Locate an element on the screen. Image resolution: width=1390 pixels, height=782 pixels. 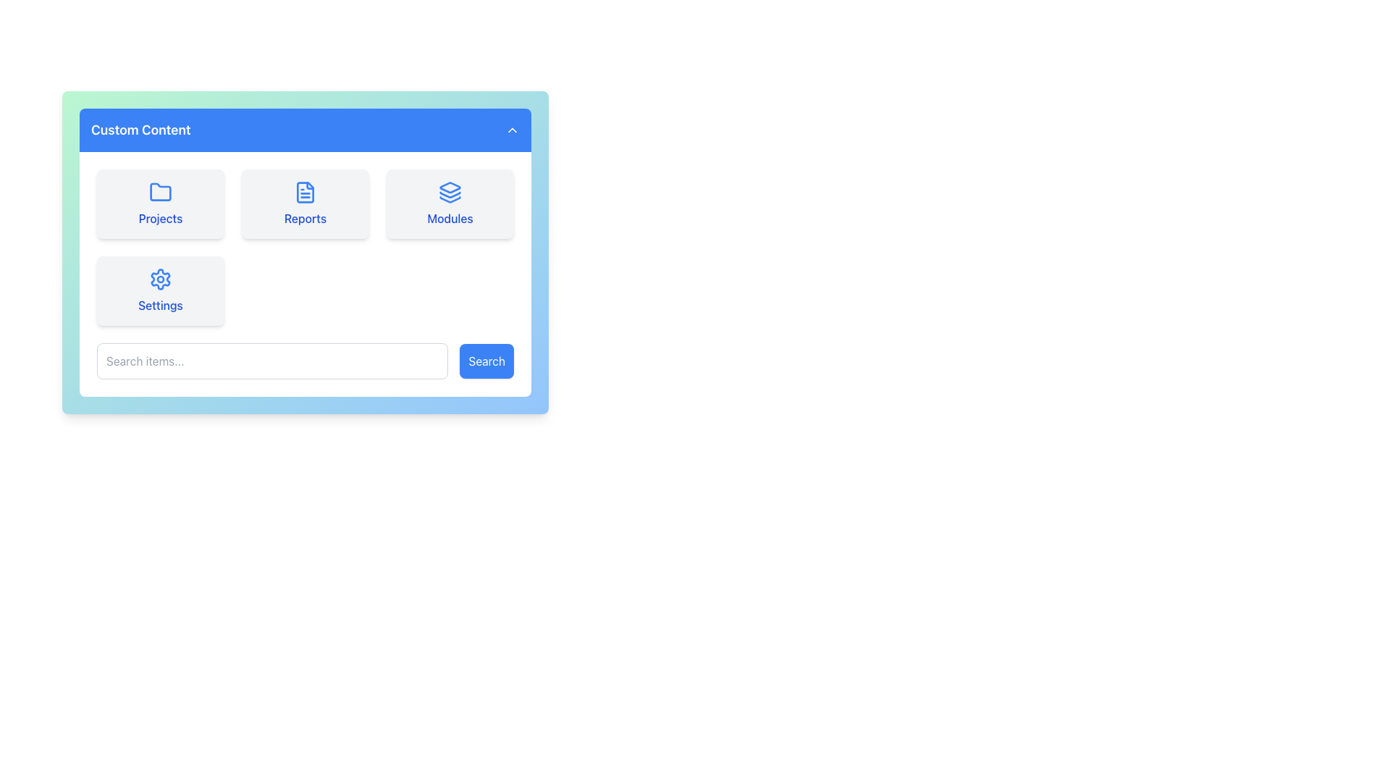
the 'Reports' text label styled in bold blue color, located at the bottom of the second card in the 'Custom Content' section is located at coordinates (305, 218).